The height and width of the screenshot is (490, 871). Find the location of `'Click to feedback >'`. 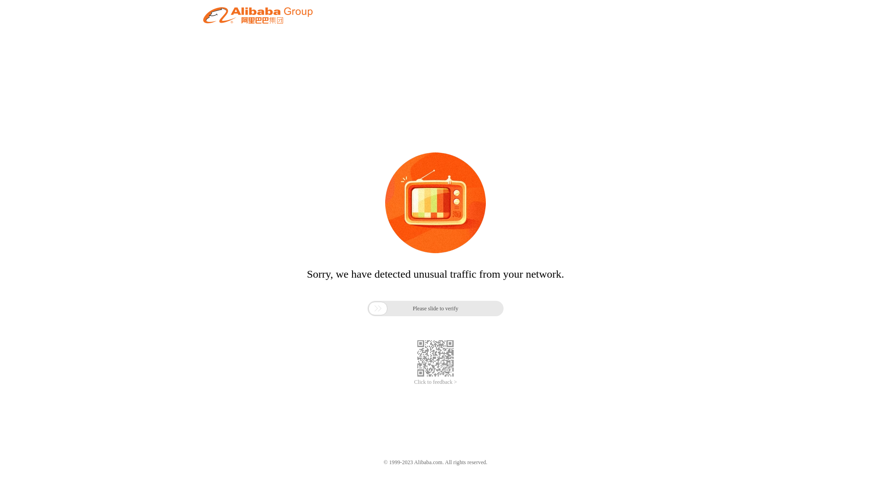

'Click to feedback >' is located at coordinates (413, 382).